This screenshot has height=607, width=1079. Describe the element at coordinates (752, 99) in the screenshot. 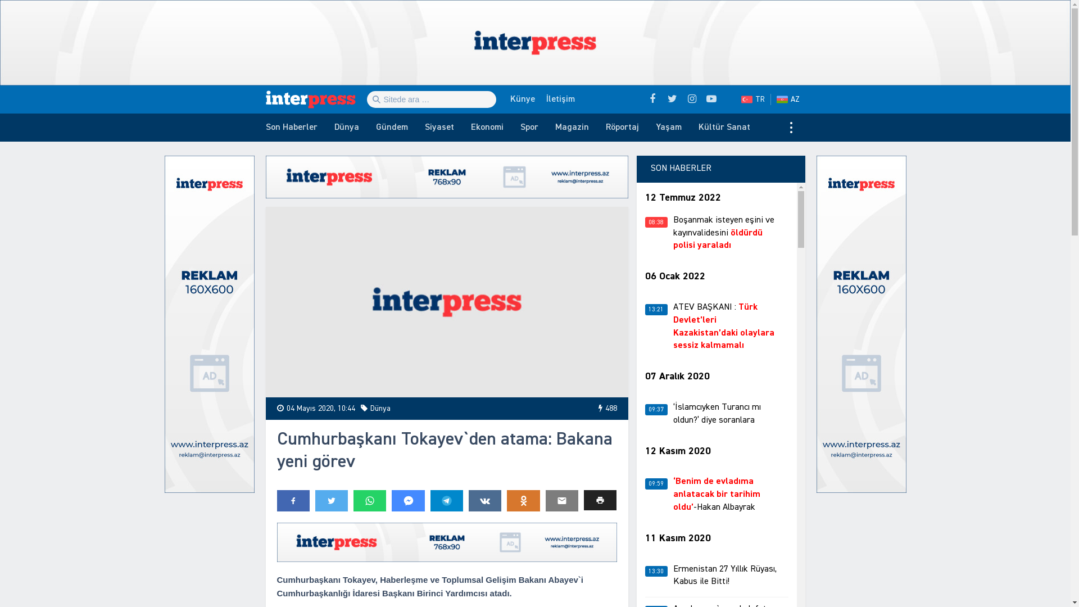

I see `'TR'` at that location.